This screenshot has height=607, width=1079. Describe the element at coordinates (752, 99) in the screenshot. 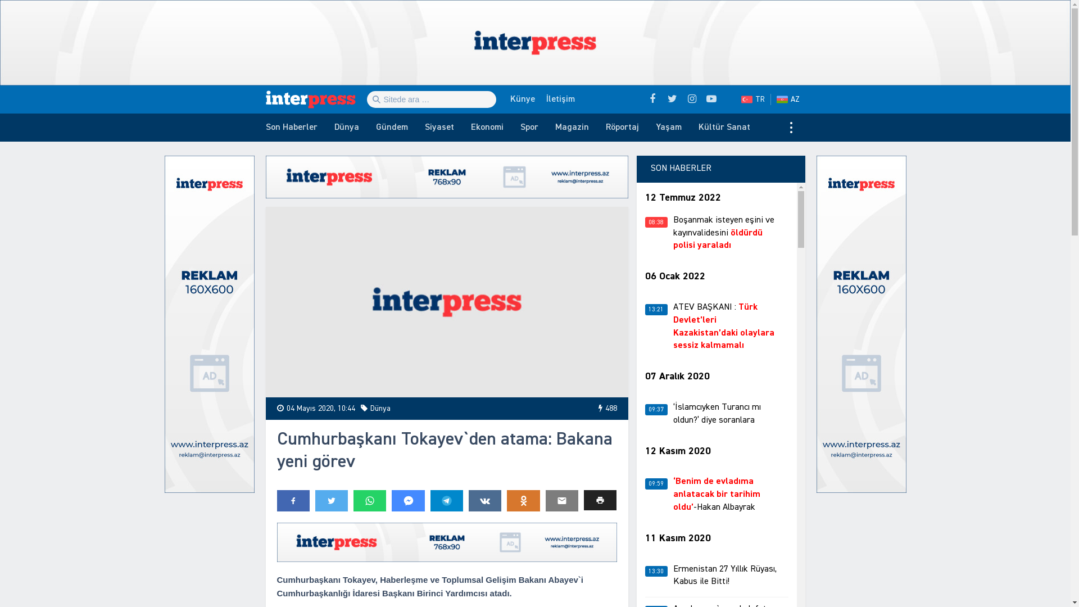

I see `'TR'` at that location.